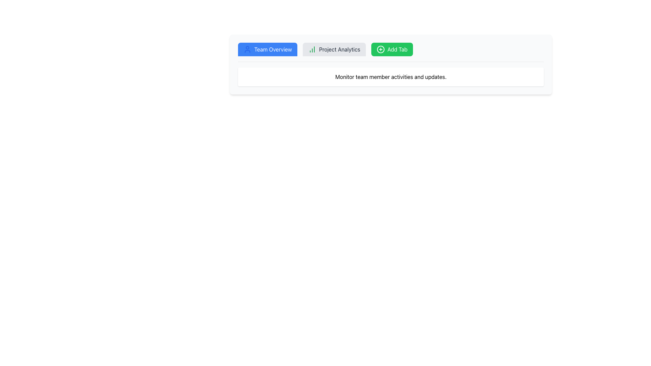 Image resolution: width=651 pixels, height=366 pixels. What do you see at coordinates (312, 49) in the screenshot?
I see `the analytics icon located` at bounding box center [312, 49].